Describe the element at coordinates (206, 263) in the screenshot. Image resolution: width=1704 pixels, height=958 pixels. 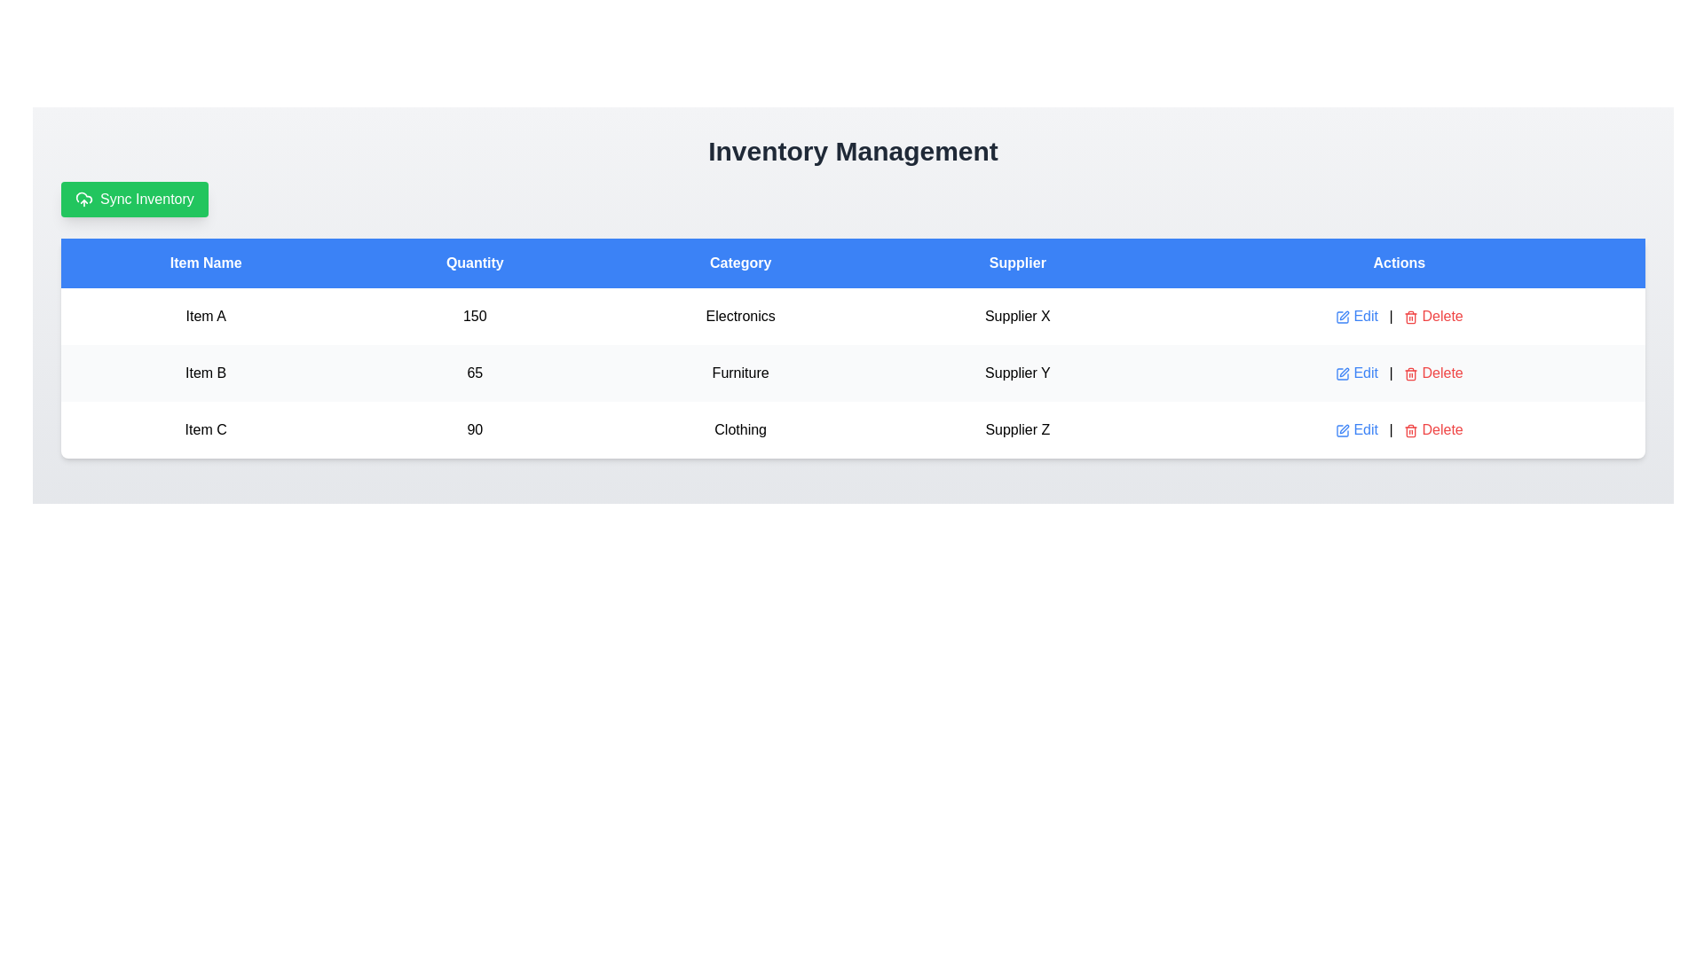
I see `the text label/header 'Item Name' located in the first column of the table, which has a blue background and white text` at that location.